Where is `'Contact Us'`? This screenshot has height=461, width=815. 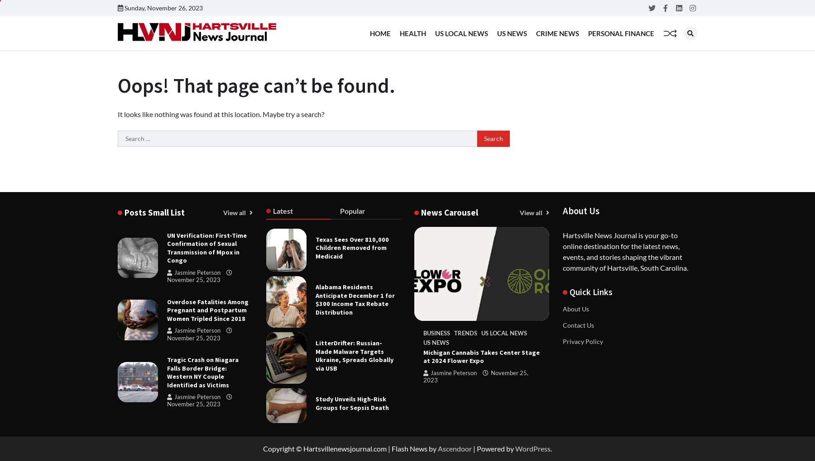
'Contact Us' is located at coordinates (562, 325).